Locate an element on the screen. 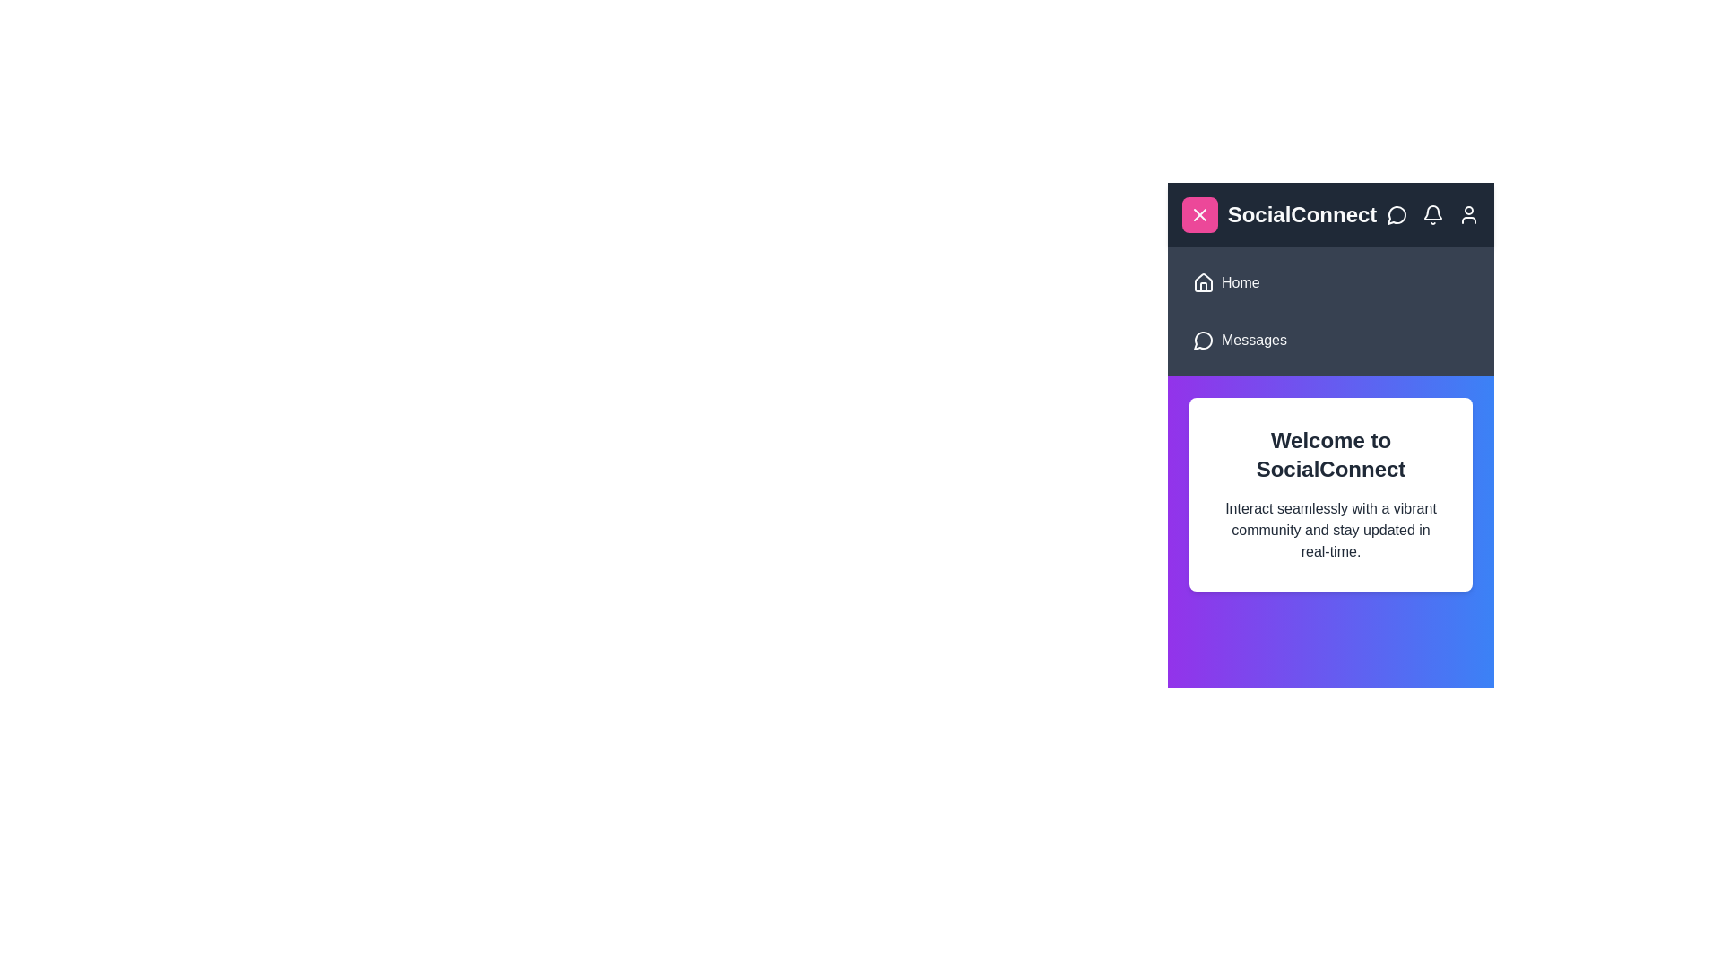  the welcome message text area to read its content is located at coordinates (1330, 494).